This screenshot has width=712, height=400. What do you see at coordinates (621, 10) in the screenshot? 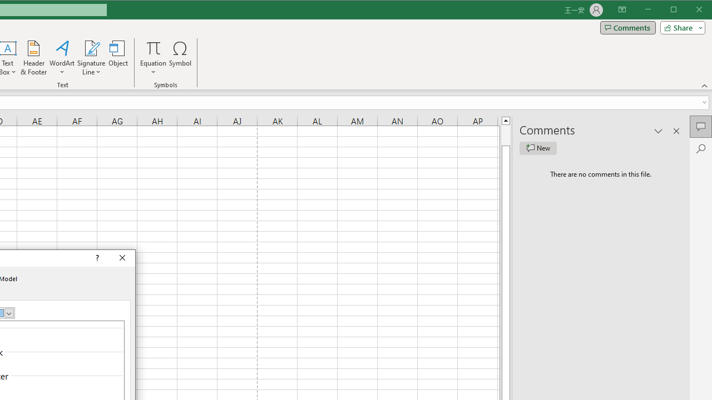
I see `'Ribbon Display Options'` at bounding box center [621, 10].